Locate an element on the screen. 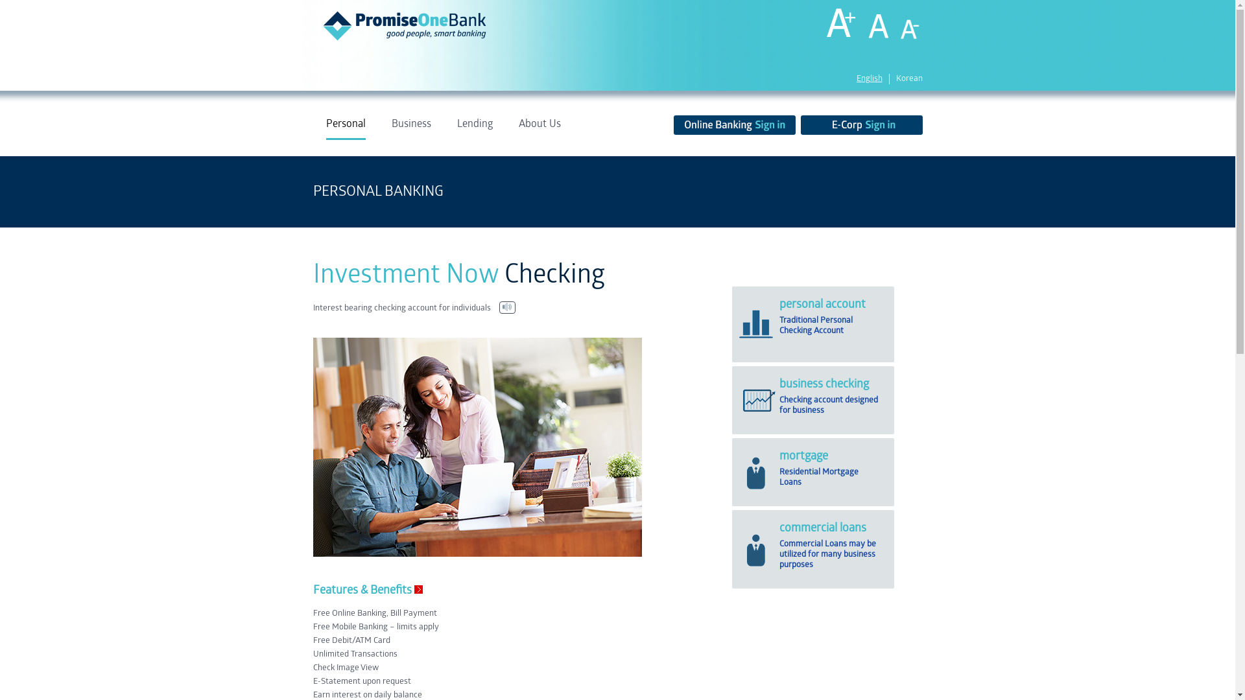 This screenshot has width=1245, height=700. 'Business' is located at coordinates (410, 129).